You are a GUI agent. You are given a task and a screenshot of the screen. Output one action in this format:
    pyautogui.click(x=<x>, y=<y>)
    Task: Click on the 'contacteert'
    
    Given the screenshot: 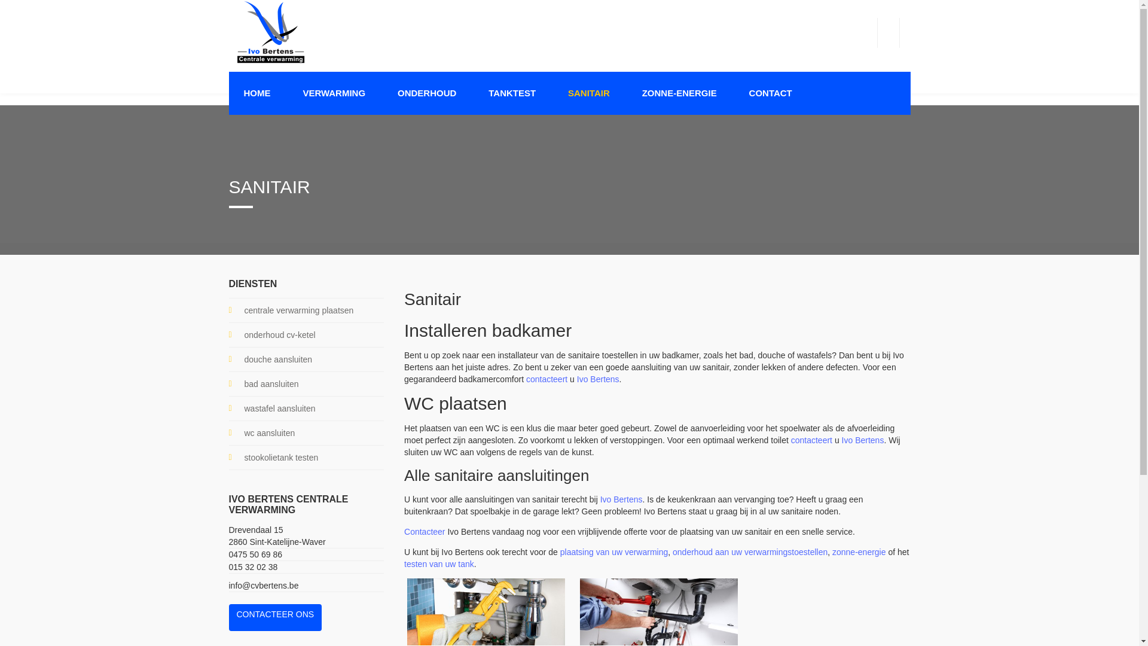 What is the action you would take?
    pyautogui.click(x=811, y=440)
    